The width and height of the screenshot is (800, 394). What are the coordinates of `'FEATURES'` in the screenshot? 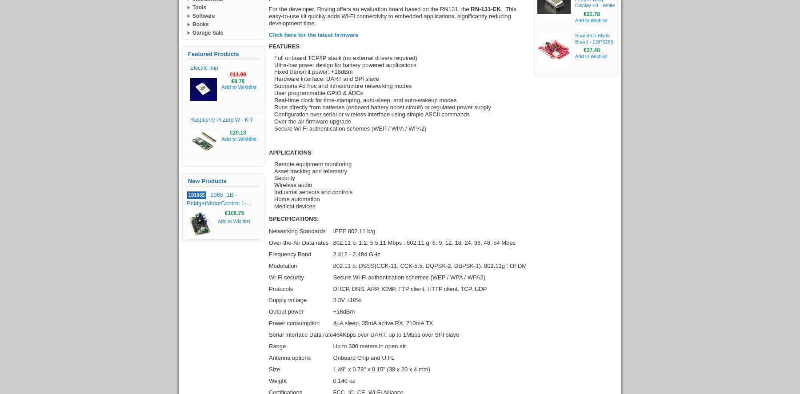 It's located at (284, 46).